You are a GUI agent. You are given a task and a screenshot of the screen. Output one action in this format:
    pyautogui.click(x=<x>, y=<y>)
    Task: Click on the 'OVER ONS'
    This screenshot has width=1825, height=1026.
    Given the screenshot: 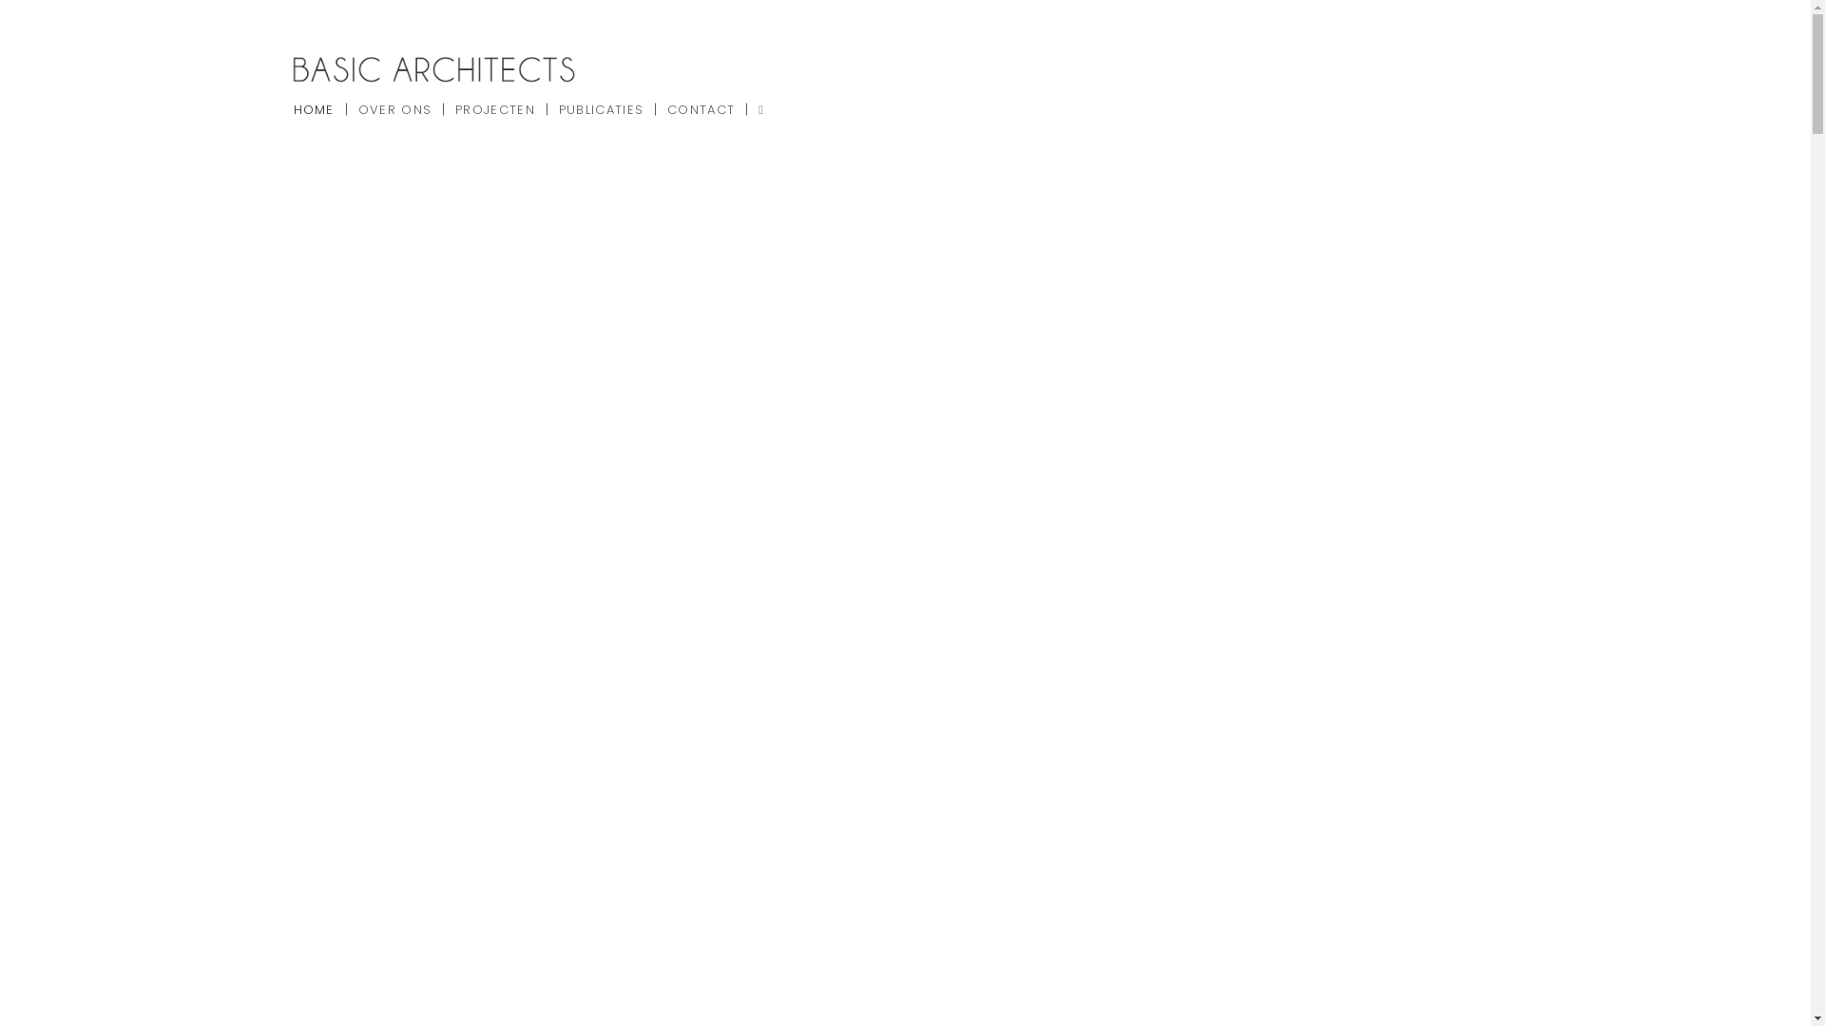 What is the action you would take?
    pyautogui.click(x=394, y=109)
    